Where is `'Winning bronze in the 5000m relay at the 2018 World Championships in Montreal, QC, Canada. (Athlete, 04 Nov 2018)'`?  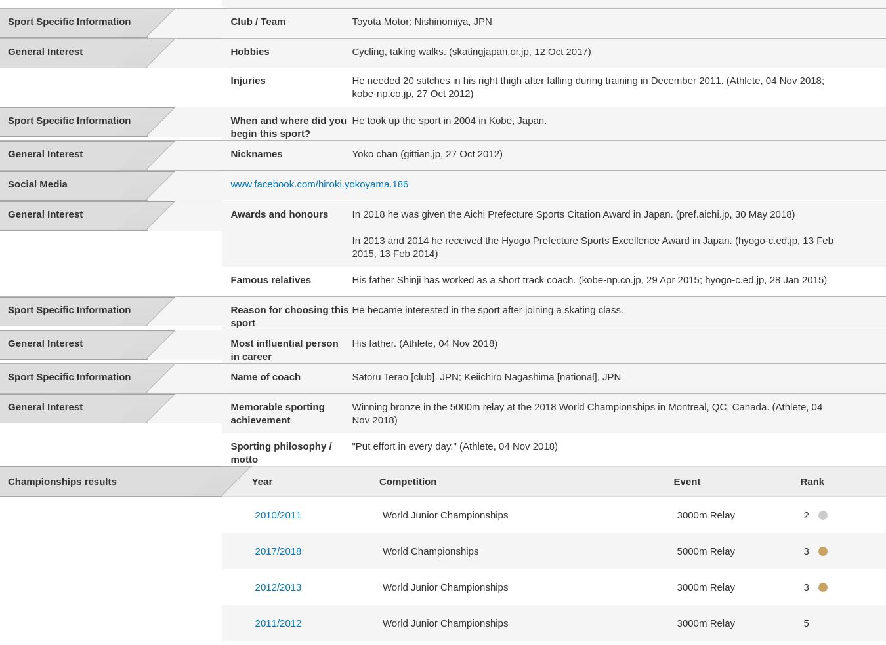
'Winning bronze in the 5000m relay at the 2018 World Championships in Montreal, QC, Canada. (Athlete, 04 Nov 2018)' is located at coordinates (587, 413).